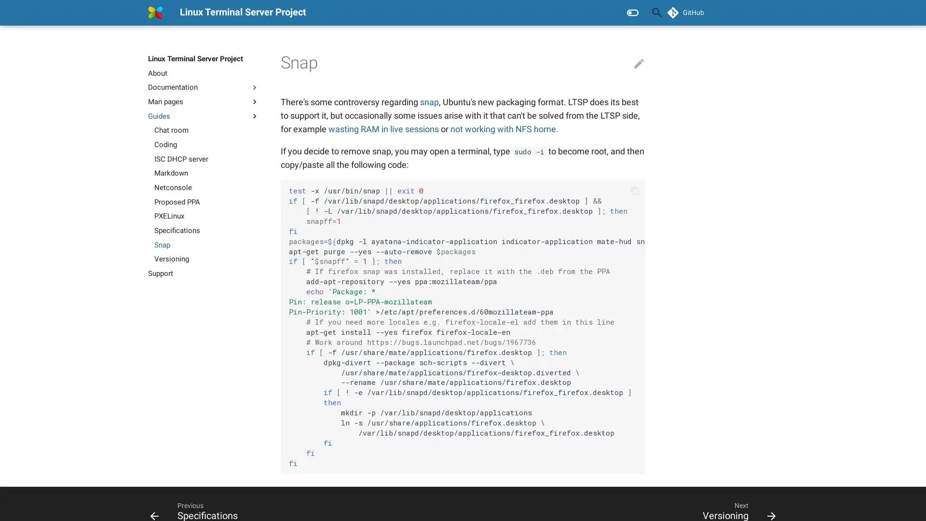 This screenshot has height=521, width=926. What do you see at coordinates (634, 13) in the screenshot?
I see `Clear` at bounding box center [634, 13].